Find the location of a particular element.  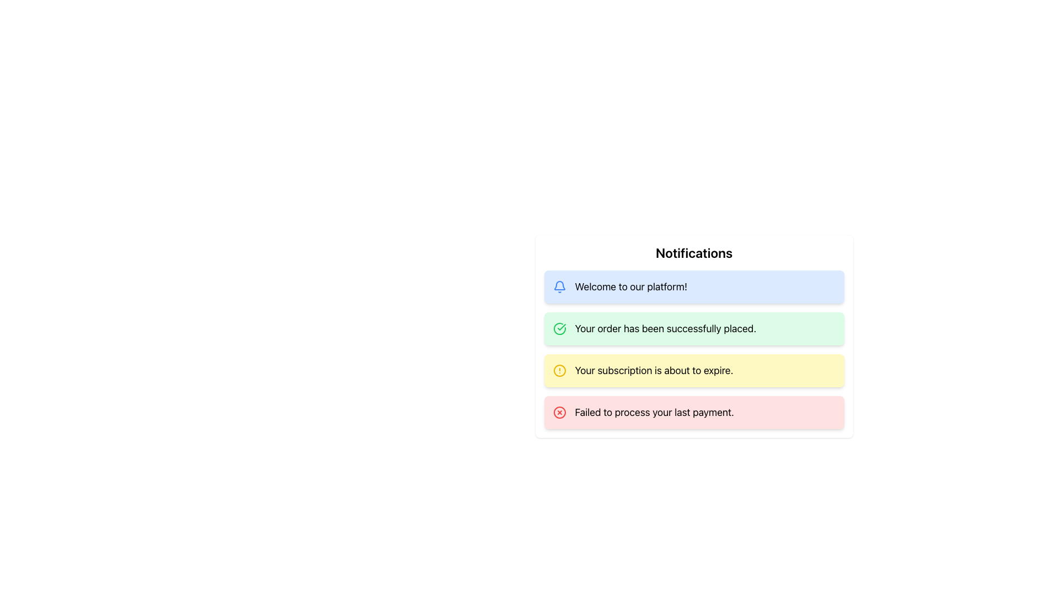

the text label that displays 'Welcome to our platform!' within the first notification block under the 'Notifications' section, which has a light blue background and features a notification bell icon to the left of the text is located at coordinates (631, 286).